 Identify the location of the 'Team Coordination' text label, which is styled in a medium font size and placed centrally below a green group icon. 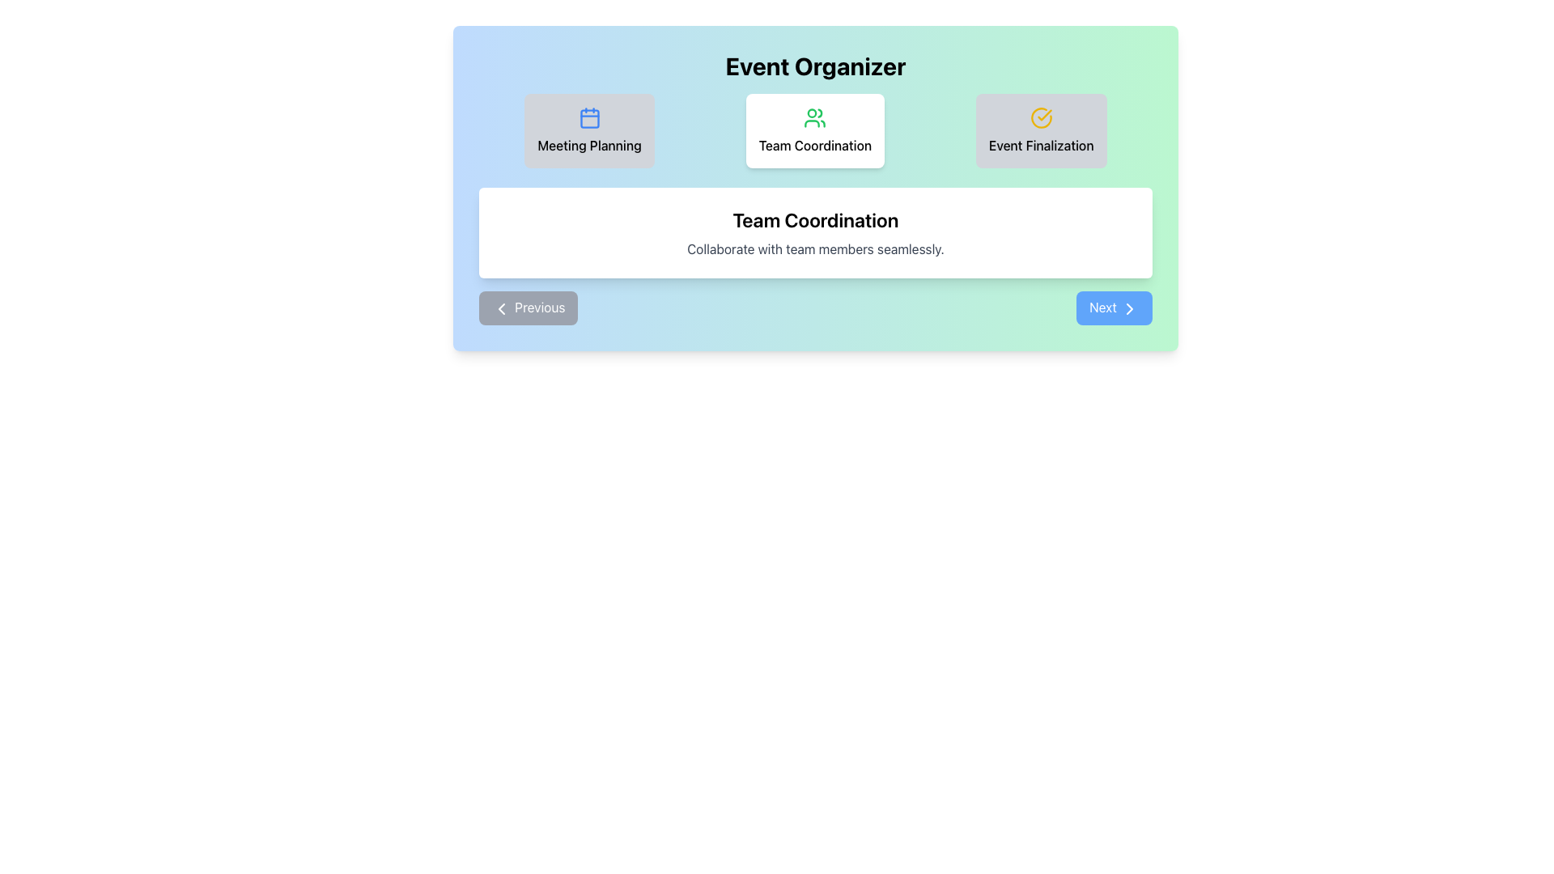
(815, 146).